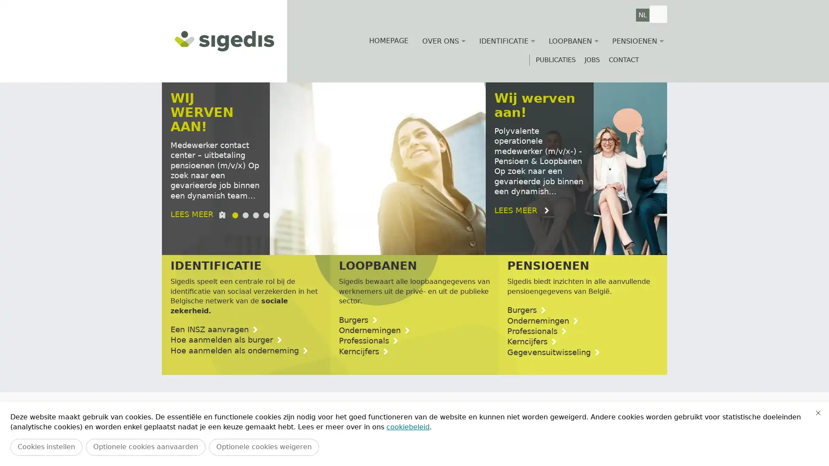  What do you see at coordinates (183, 439) in the screenshot?
I see `Previous` at bounding box center [183, 439].